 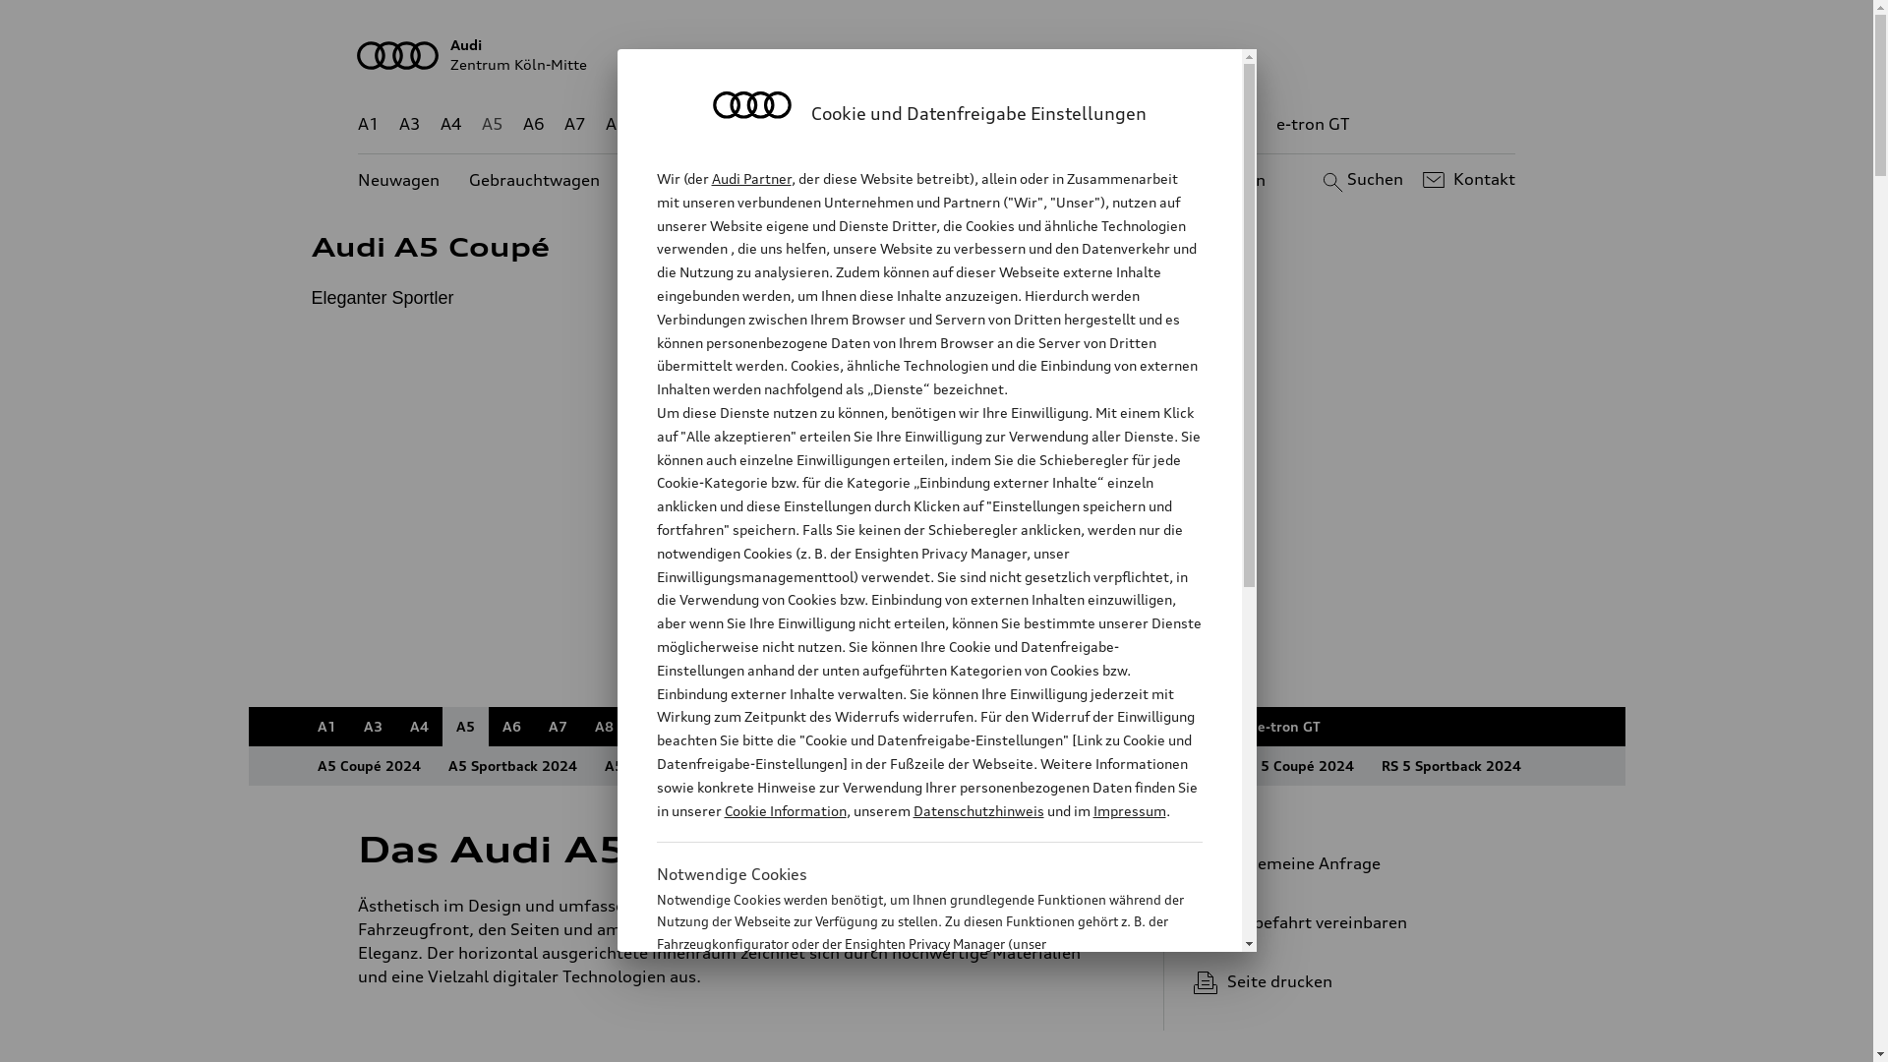 I want to click on 'A6', so click(x=510, y=727).